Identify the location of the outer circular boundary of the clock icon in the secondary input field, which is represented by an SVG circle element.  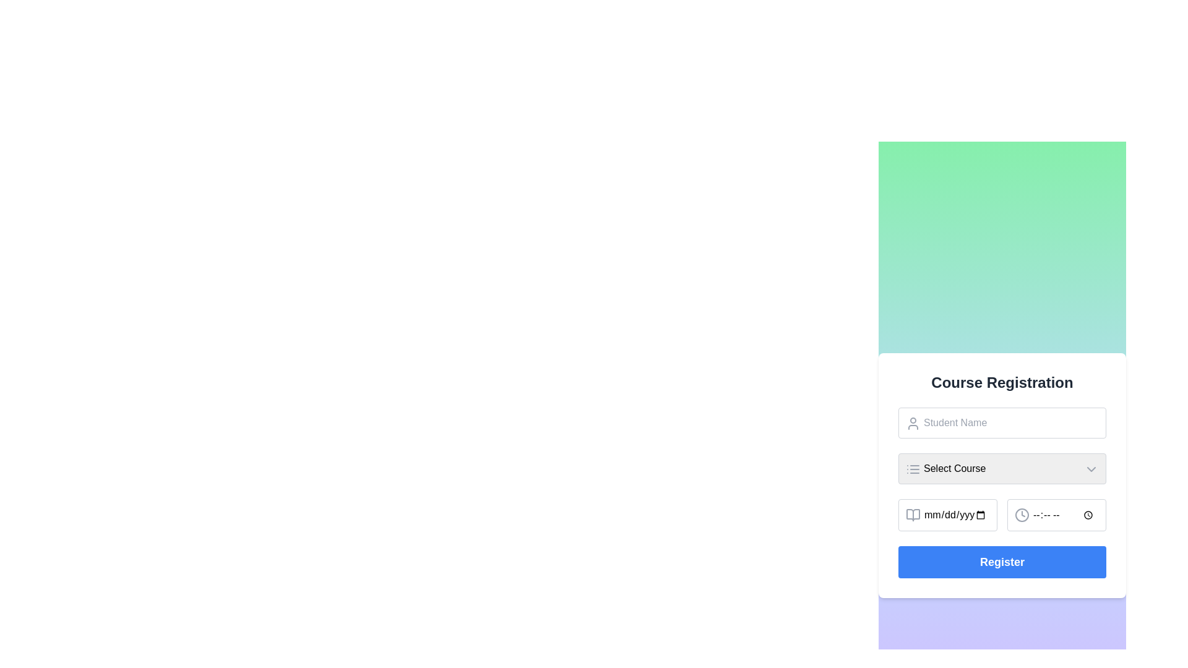
(1022, 515).